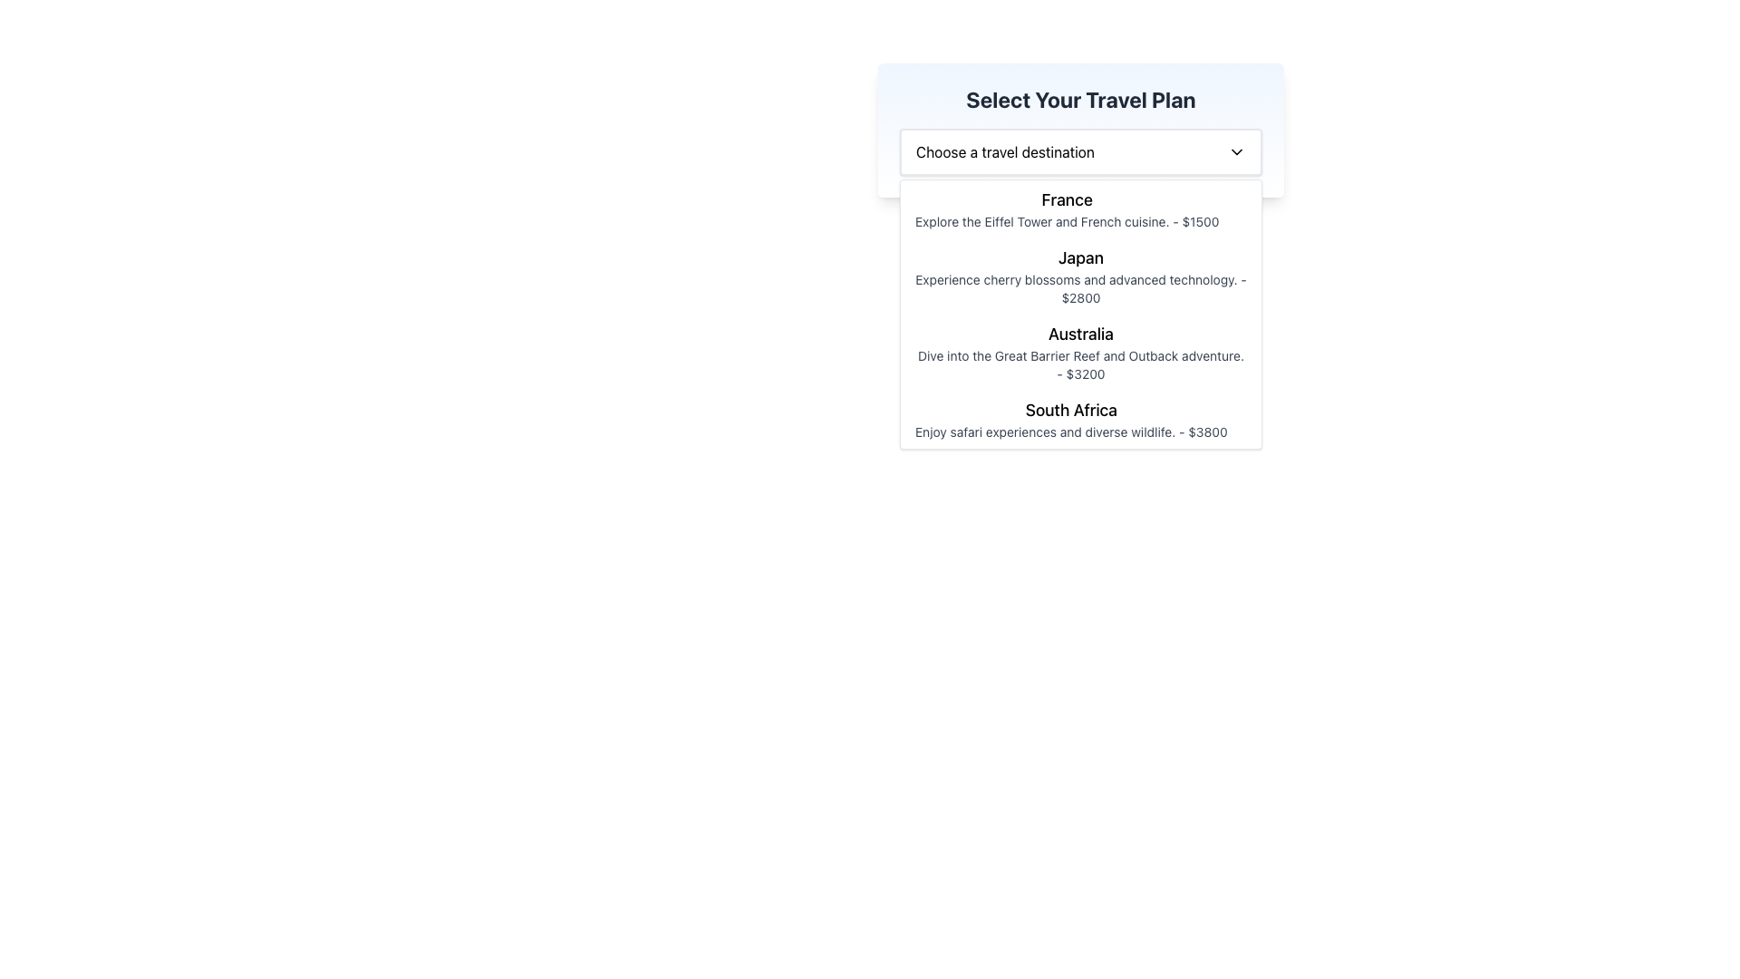 The height and width of the screenshot is (979, 1740). What do you see at coordinates (1081, 258) in the screenshot?
I see `the text label displaying 'Japan' in bold style, which is located in the second entry of a dropdown menu of travel destinations` at bounding box center [1081, 258].